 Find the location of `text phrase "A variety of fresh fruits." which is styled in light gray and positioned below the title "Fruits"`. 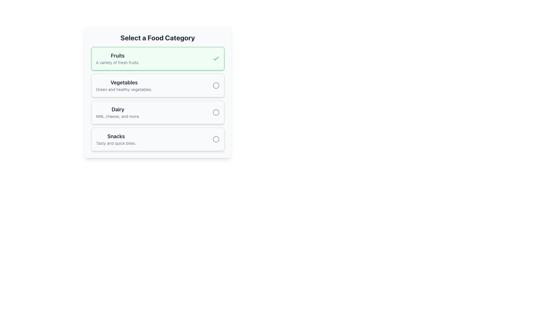

text phrase "A variety of fresh fruits." which is styled in light gray and positioned below the title "Fruits" is located at coordinates (117, 63).